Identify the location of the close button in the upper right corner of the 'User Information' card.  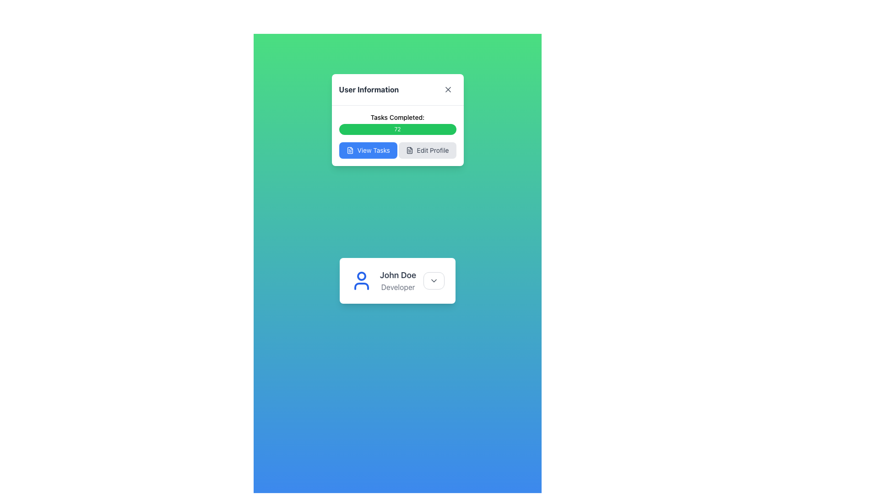
(448, 90).